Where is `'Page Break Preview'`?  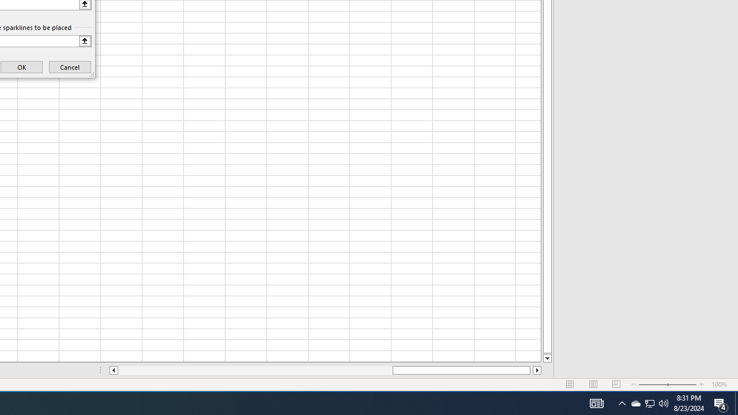
'Page Break Preview' is located at coordinates (616, 384).